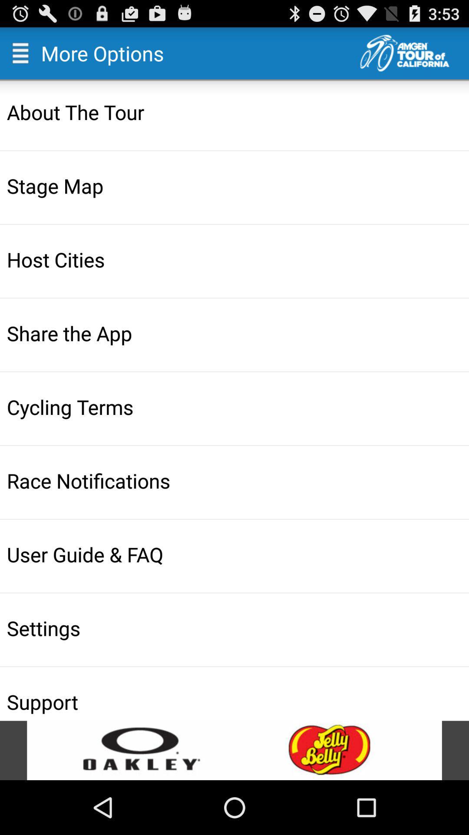  What do you see at coordinates (235, 480) in the screenshot?
I see `the race notifications icon` at bounding box center [235, 480].